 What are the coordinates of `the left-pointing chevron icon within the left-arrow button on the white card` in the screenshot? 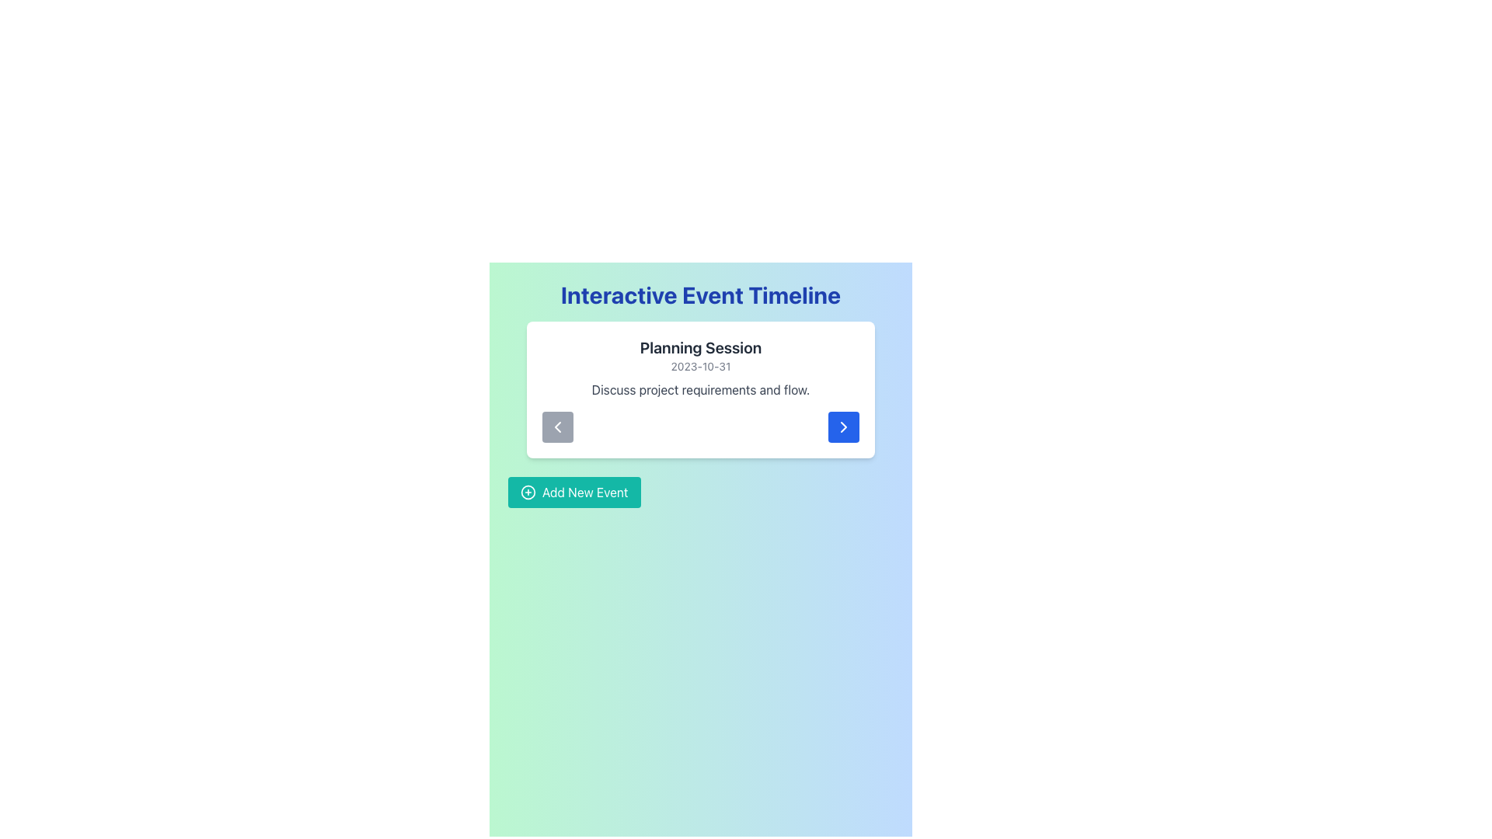 It's located at (558, 427).